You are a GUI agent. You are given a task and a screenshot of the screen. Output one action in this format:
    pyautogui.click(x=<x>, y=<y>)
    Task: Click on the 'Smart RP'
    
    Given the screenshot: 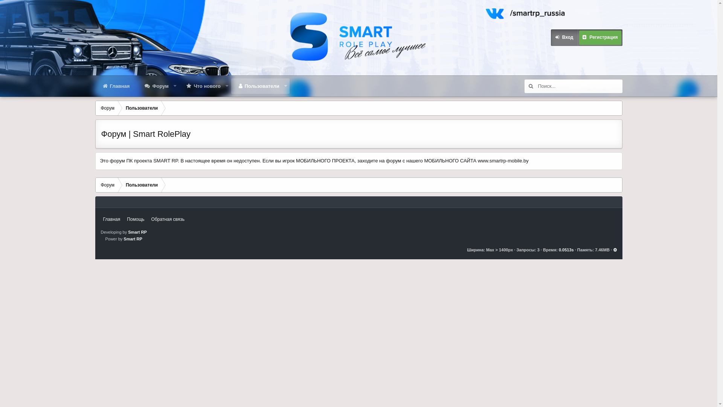 What is the action you would take?
    pyautogui.click(x=133, y=239)
    